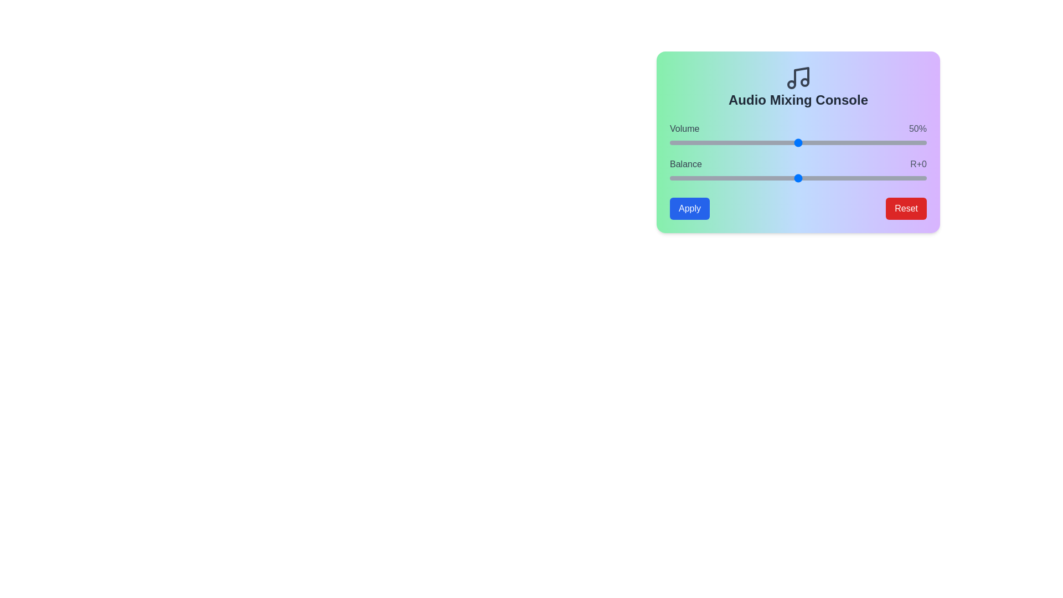  I want to click on the main heading text element that describes the functionality of the application, positioned centrally below the musical note icon, so click(798, 100).